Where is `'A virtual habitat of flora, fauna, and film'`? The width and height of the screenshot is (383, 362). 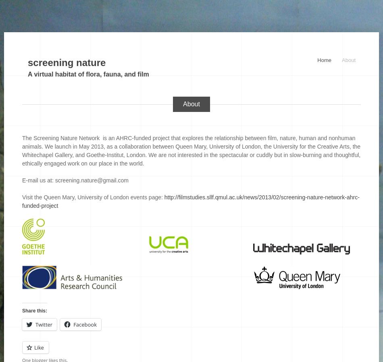 'A virtual habitat of flora, fauna, and film' is located at coordinates (88, 74).